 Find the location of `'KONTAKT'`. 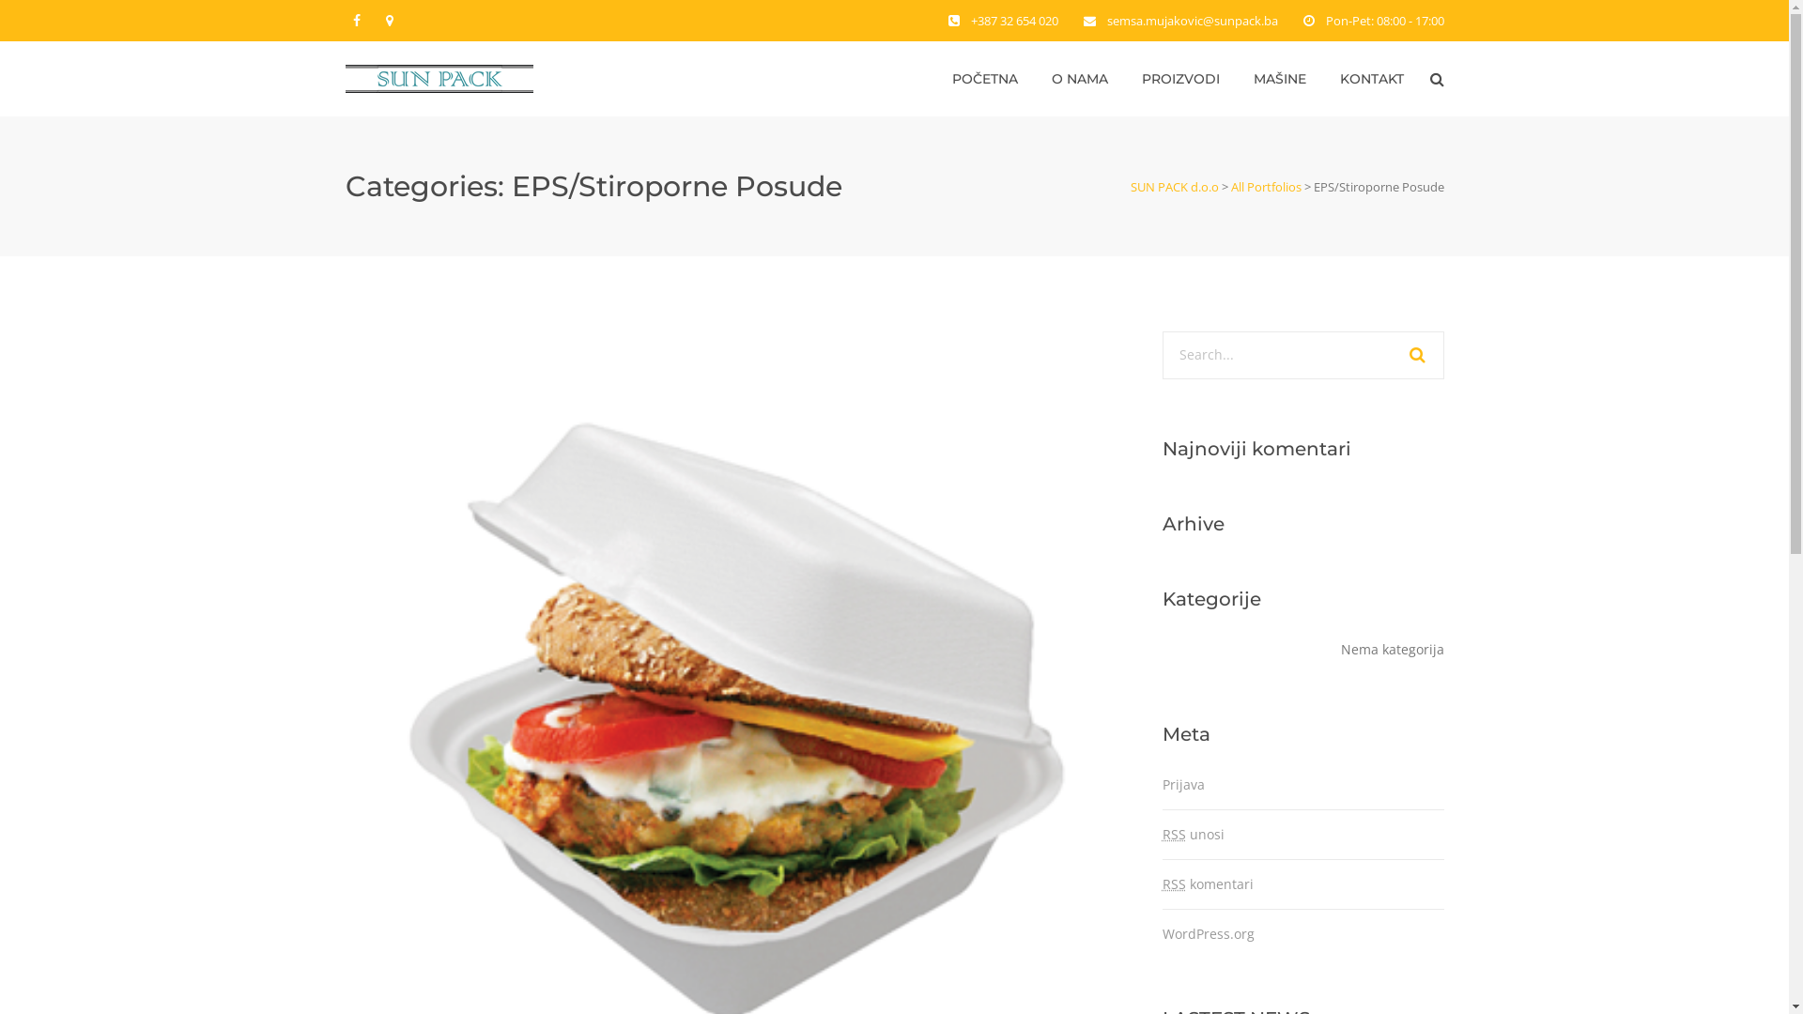

'KONTAKT' is located at coordinates (1370, 78).